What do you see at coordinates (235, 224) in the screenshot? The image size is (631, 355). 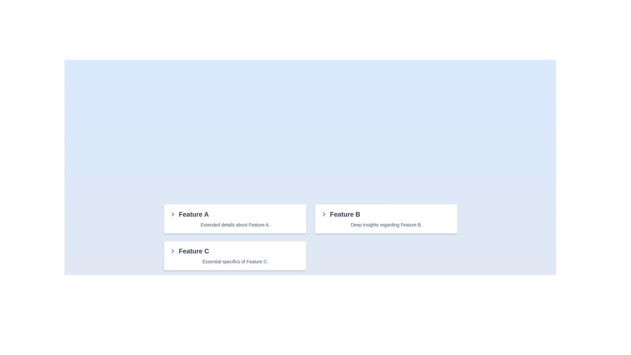 I see `the descriptive text that provides additional details about 'Feature A', located beneath the title and adjacent to a chevron icon` at bounding box center [235, 224].